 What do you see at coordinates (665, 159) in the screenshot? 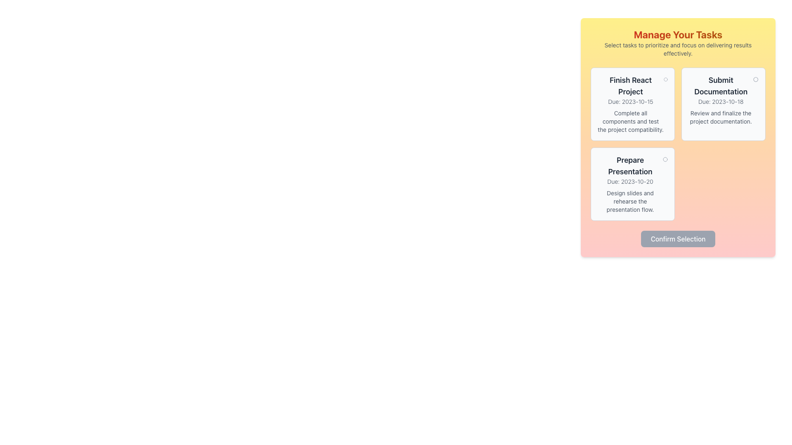
I see `the gray circular vector graphic located within the 'Prepare Presentation' task card in the bottom-left corner of the group of selectable task cards for informational purposes` at bounding box center [665, 159].